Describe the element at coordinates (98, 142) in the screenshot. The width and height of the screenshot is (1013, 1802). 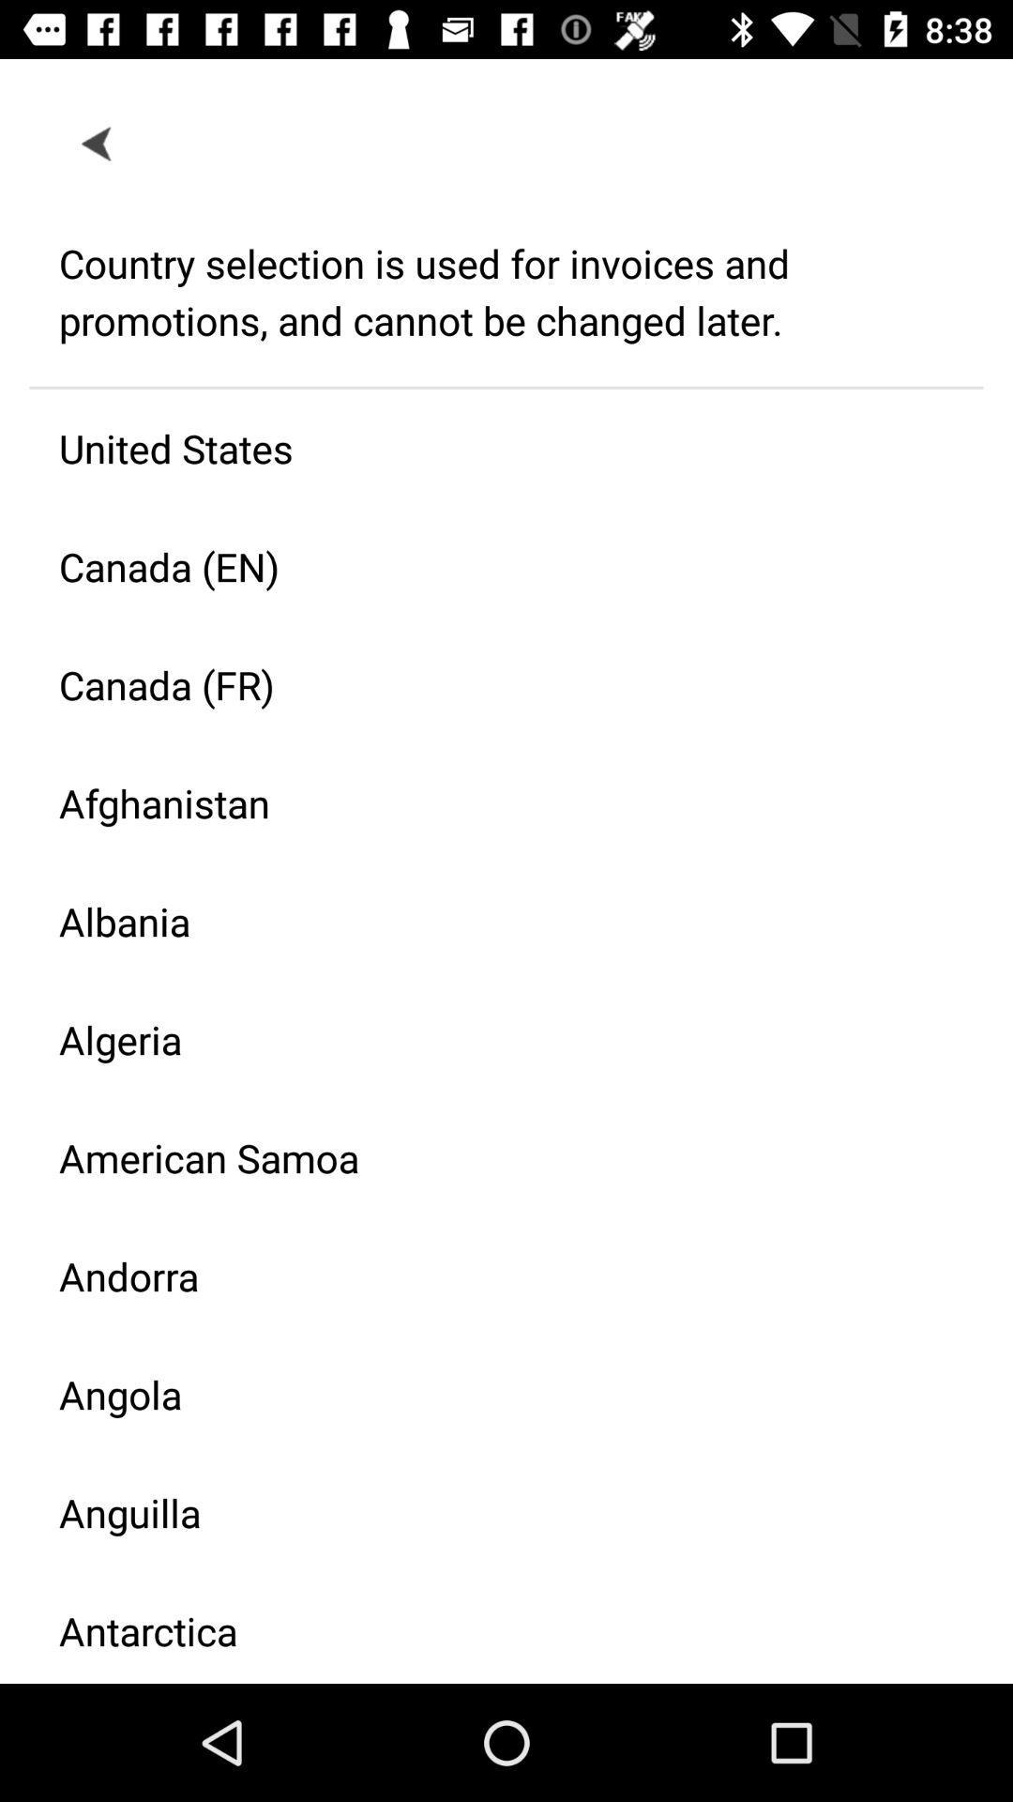
I see `icon above the country selection is icon` at that location.